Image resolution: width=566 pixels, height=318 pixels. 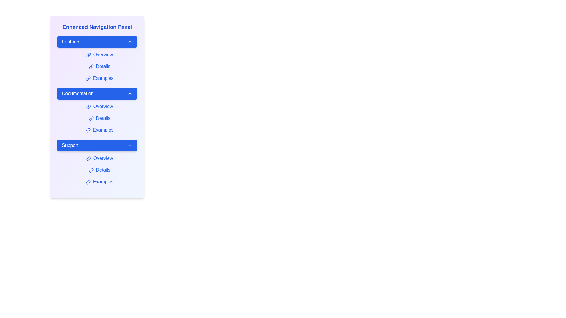 What do you see at coordinates (91, 170) in the screenshot?
I see `the icon located directly to the left of the 'Details' text in the 'Support' section of the navigation panel, which is the fourth element overall in the panel` at bounding box center [91, 170].